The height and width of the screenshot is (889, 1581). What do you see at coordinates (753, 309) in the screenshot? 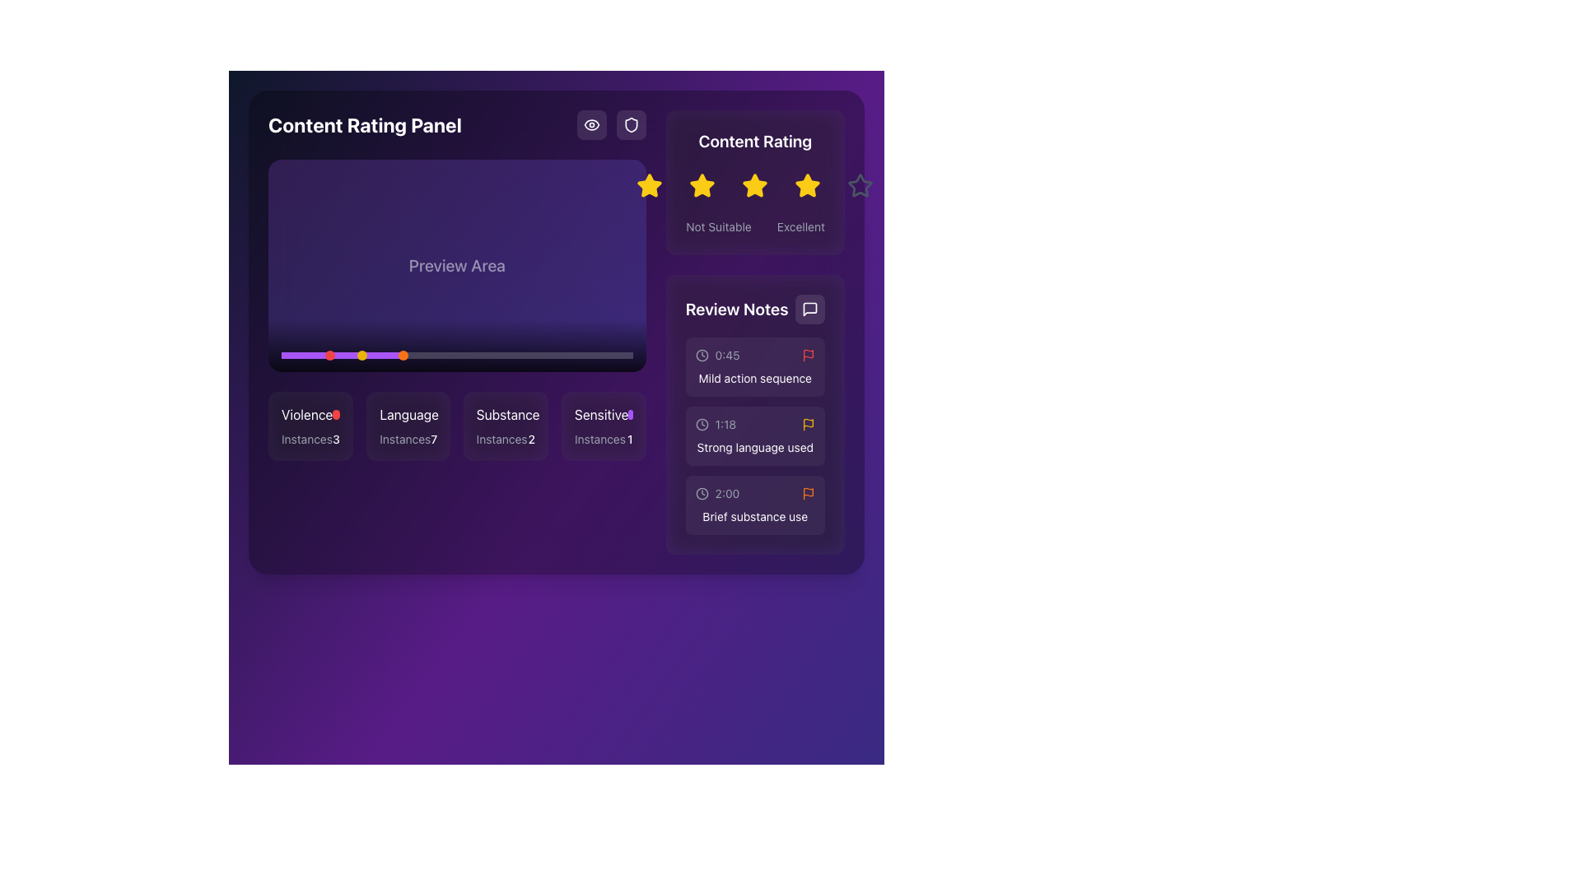
I see `the 'Review Notes' header that is styled in bold white text with a chat bubble icon next to it, located at the top of the right-side panel above the listed notes` at bounding box center [753, 309].